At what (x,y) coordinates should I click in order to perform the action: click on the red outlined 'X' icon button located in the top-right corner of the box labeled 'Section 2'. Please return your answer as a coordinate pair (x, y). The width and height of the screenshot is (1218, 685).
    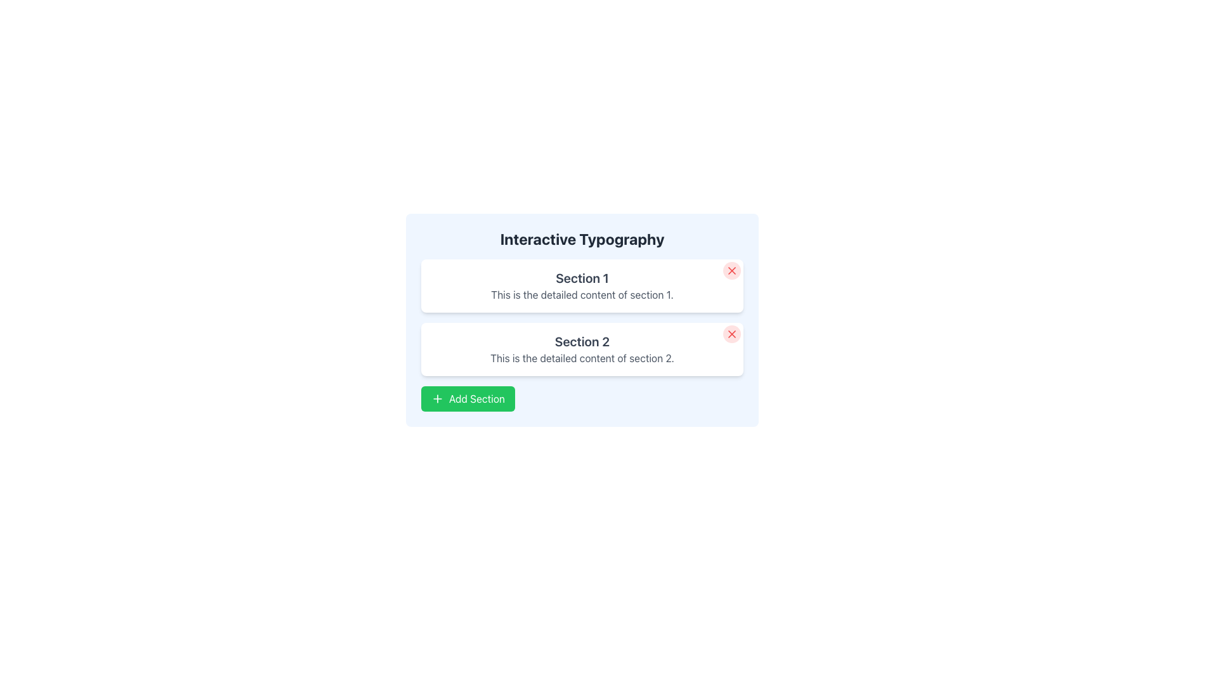
    Looking at the image, I should click on (731, 334).